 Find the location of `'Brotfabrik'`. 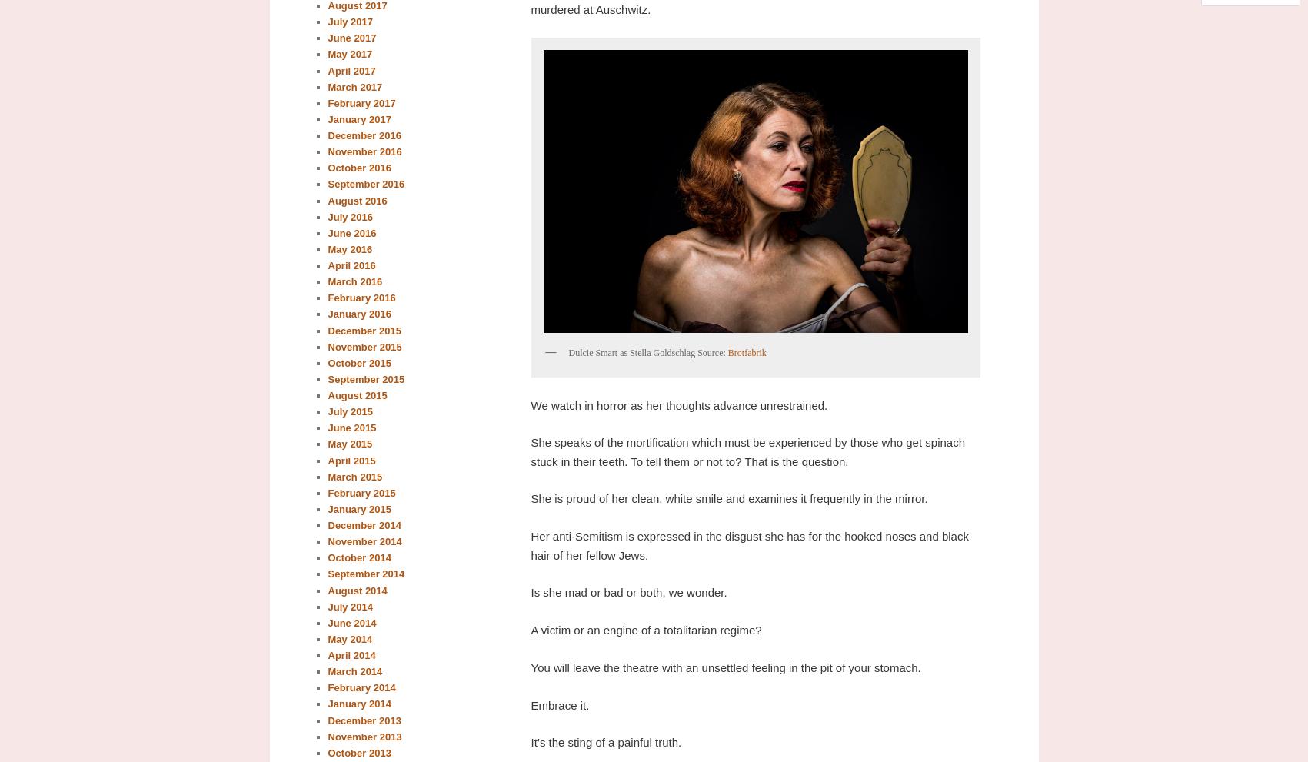

'Brotfabrik' is located at coordinates (745, 352).